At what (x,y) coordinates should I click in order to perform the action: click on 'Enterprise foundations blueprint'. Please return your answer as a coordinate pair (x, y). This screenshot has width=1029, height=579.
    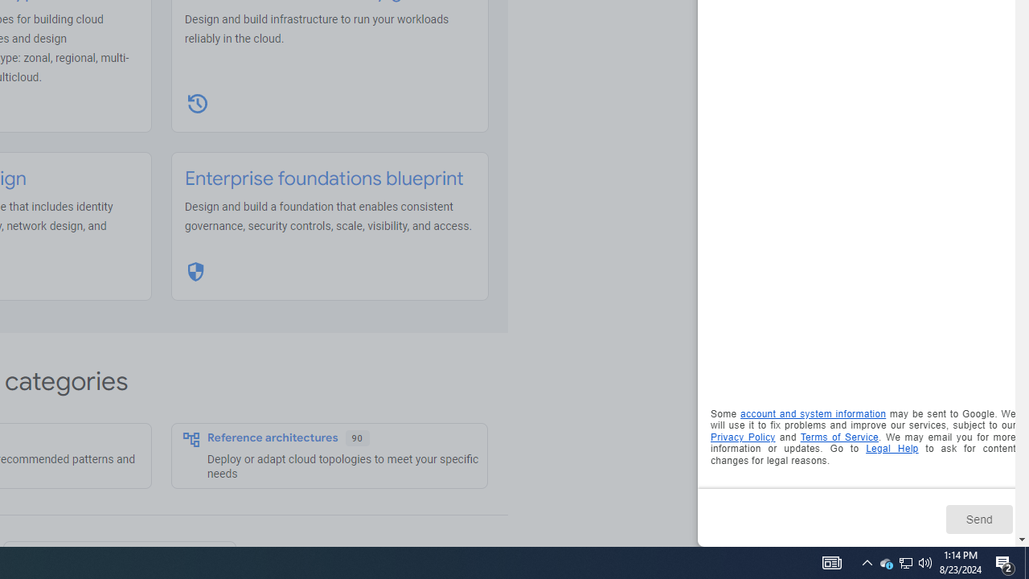
    Looking at the image, I should click on (323, 179).